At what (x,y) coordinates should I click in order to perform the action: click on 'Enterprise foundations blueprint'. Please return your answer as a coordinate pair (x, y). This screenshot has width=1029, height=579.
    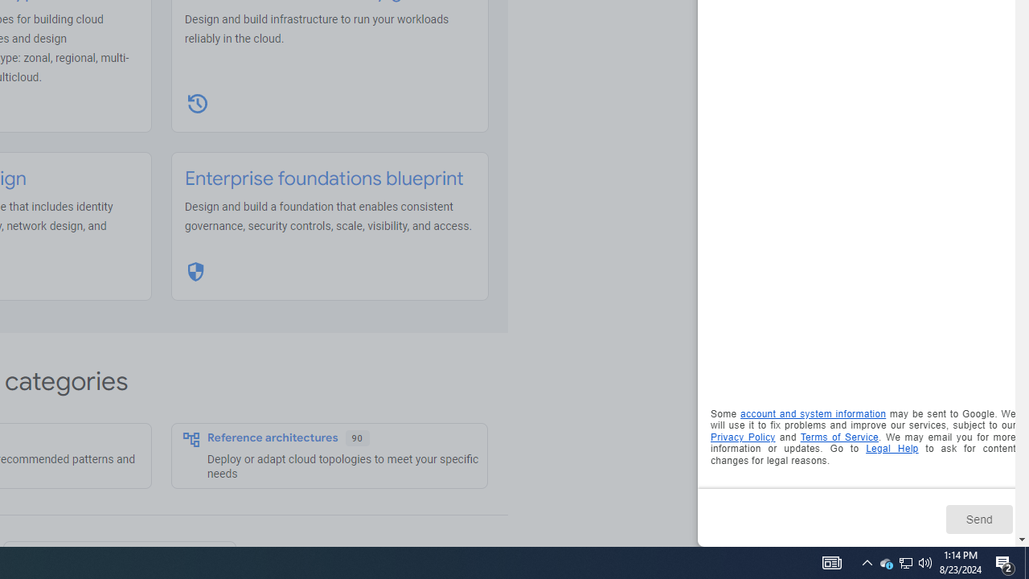
    Looking at the image, I should click on (323, 179).